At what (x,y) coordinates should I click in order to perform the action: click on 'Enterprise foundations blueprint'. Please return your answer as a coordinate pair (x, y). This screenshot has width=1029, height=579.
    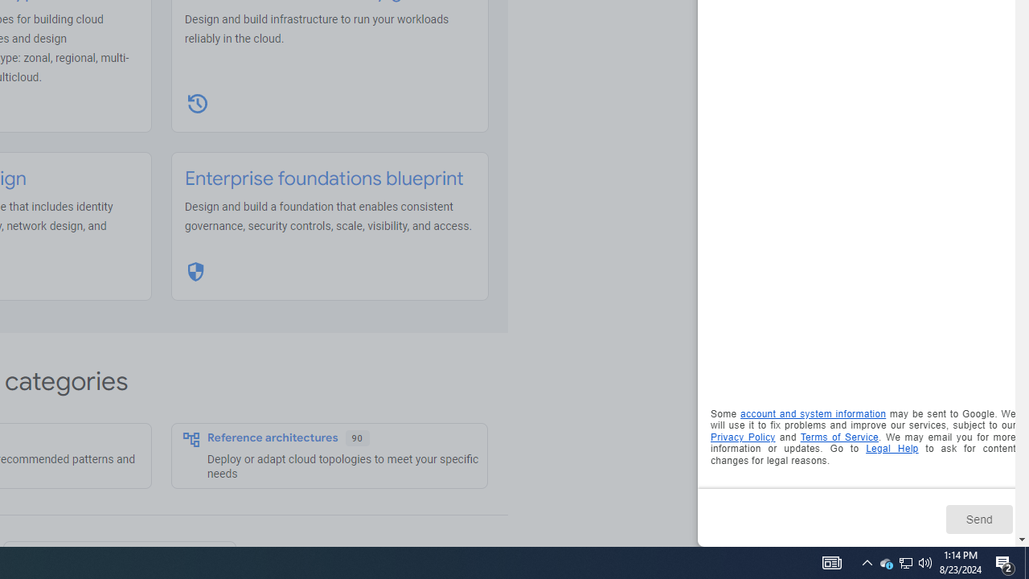
    Looking at the image, I should click on (323, 179).